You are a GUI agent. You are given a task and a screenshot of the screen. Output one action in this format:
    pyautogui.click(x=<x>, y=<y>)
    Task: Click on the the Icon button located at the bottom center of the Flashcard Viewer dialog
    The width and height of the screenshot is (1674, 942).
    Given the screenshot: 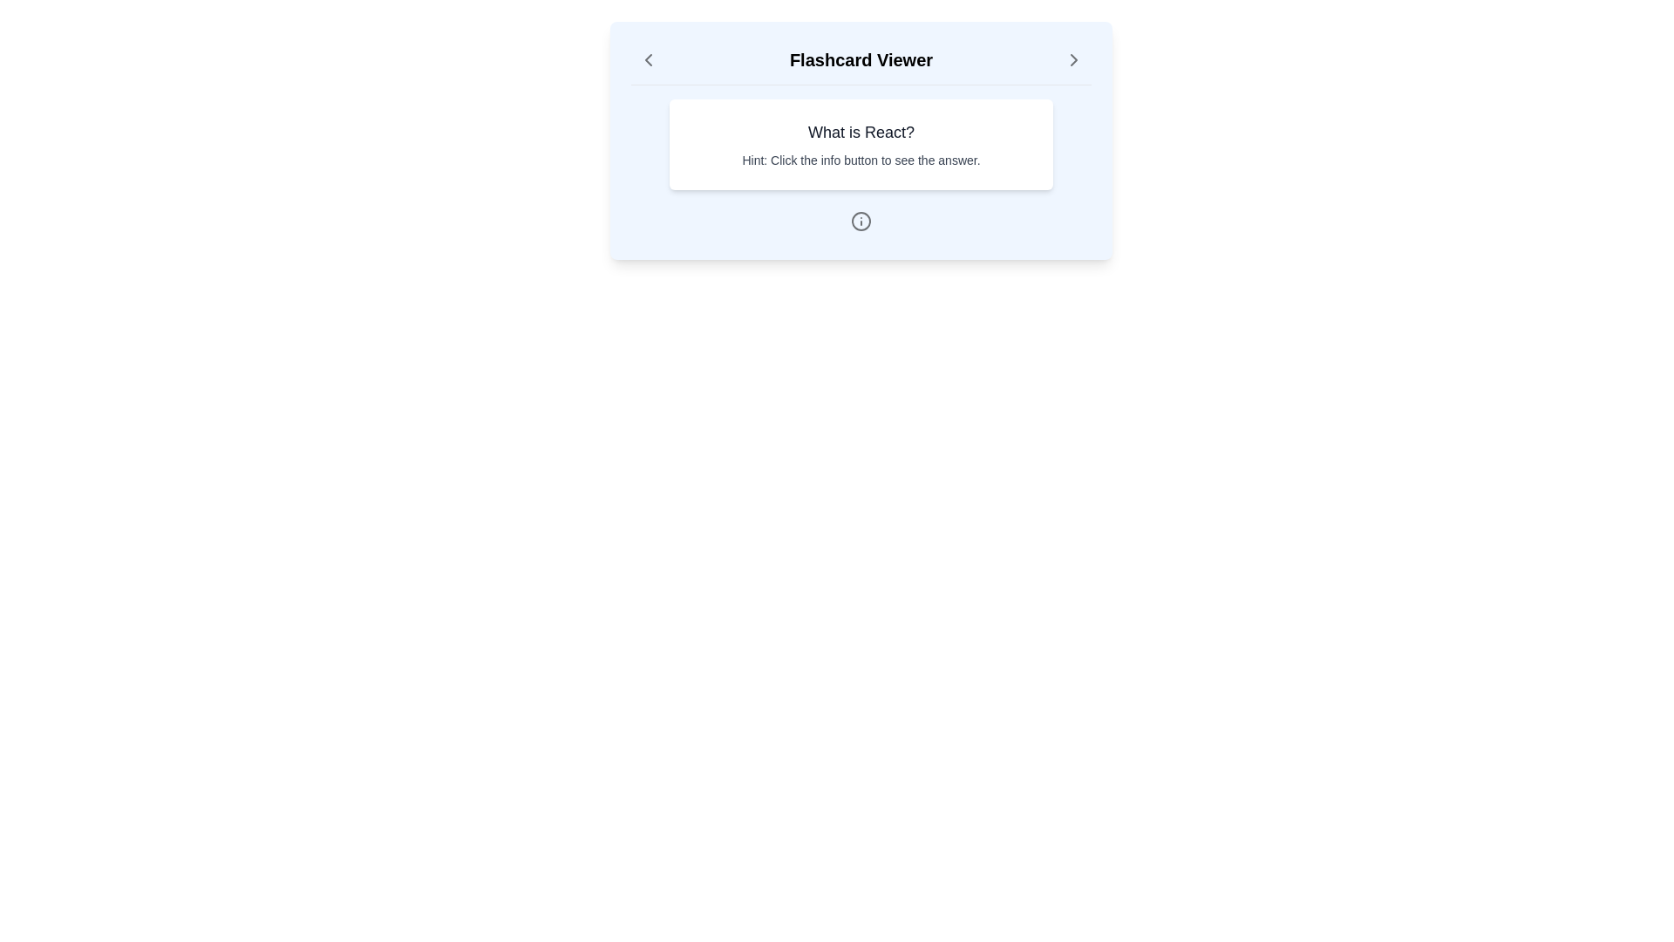 What is the action you would take?
    pyautogui.click(x=861, y=221)
    